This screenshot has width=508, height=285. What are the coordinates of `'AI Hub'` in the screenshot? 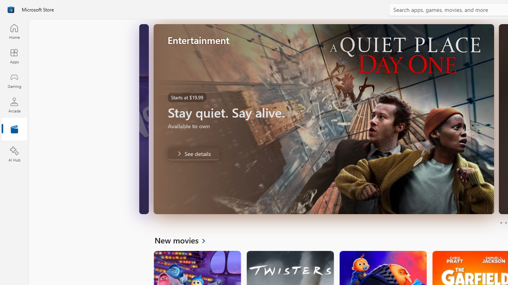 It's located at (14, 154).